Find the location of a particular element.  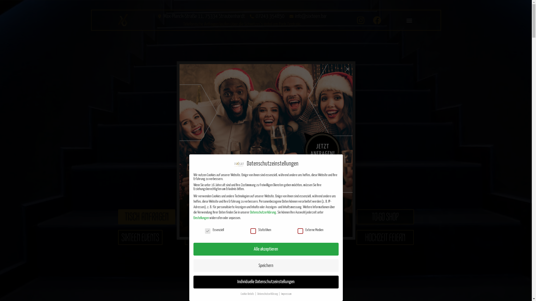

'SPEISEKARTE' is located at coordinates (226, 217).